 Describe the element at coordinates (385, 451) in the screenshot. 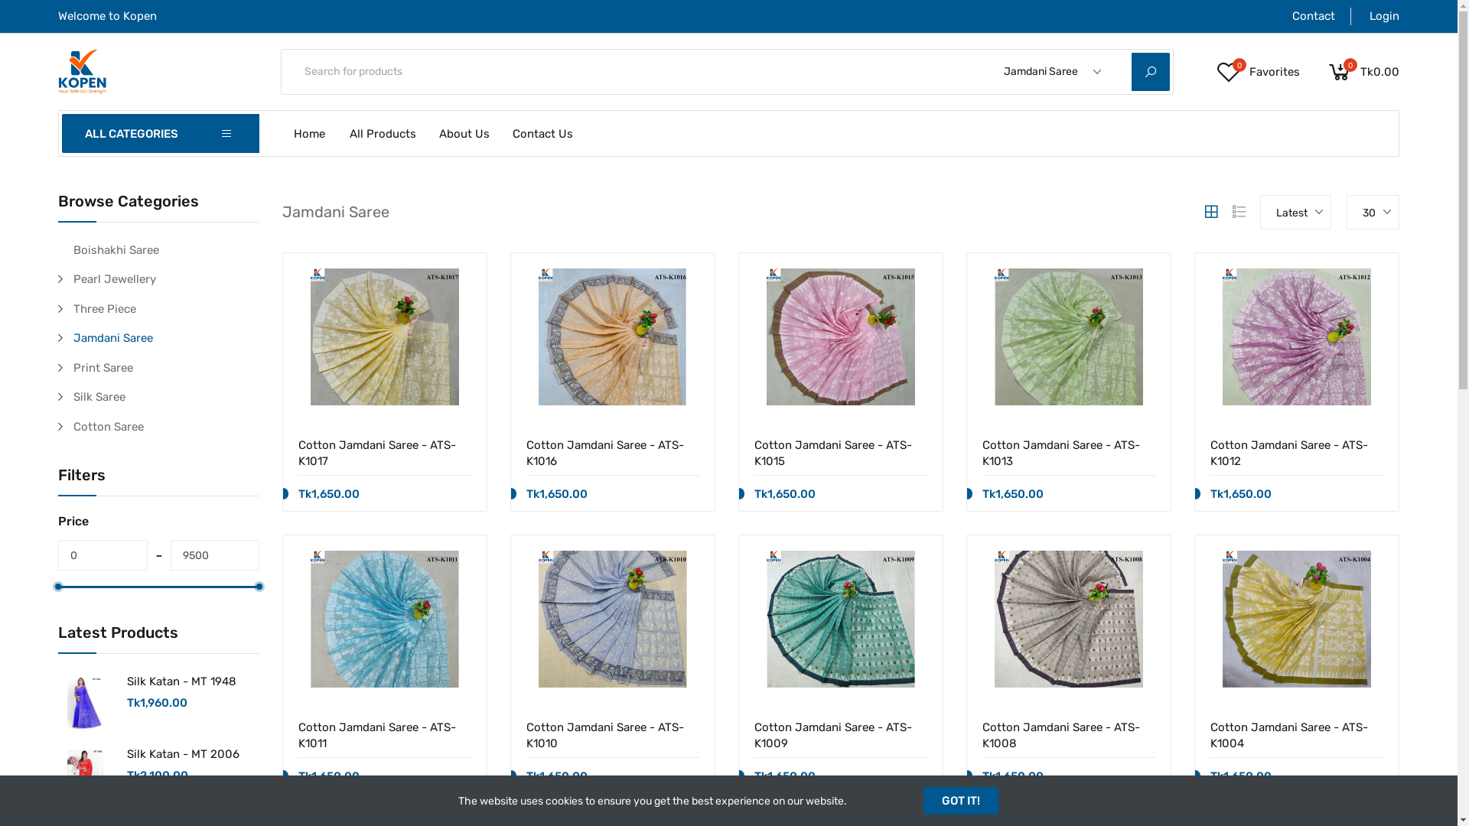

I see `'Cotton Jamdani Saree - ATS-K1017'` at that location.